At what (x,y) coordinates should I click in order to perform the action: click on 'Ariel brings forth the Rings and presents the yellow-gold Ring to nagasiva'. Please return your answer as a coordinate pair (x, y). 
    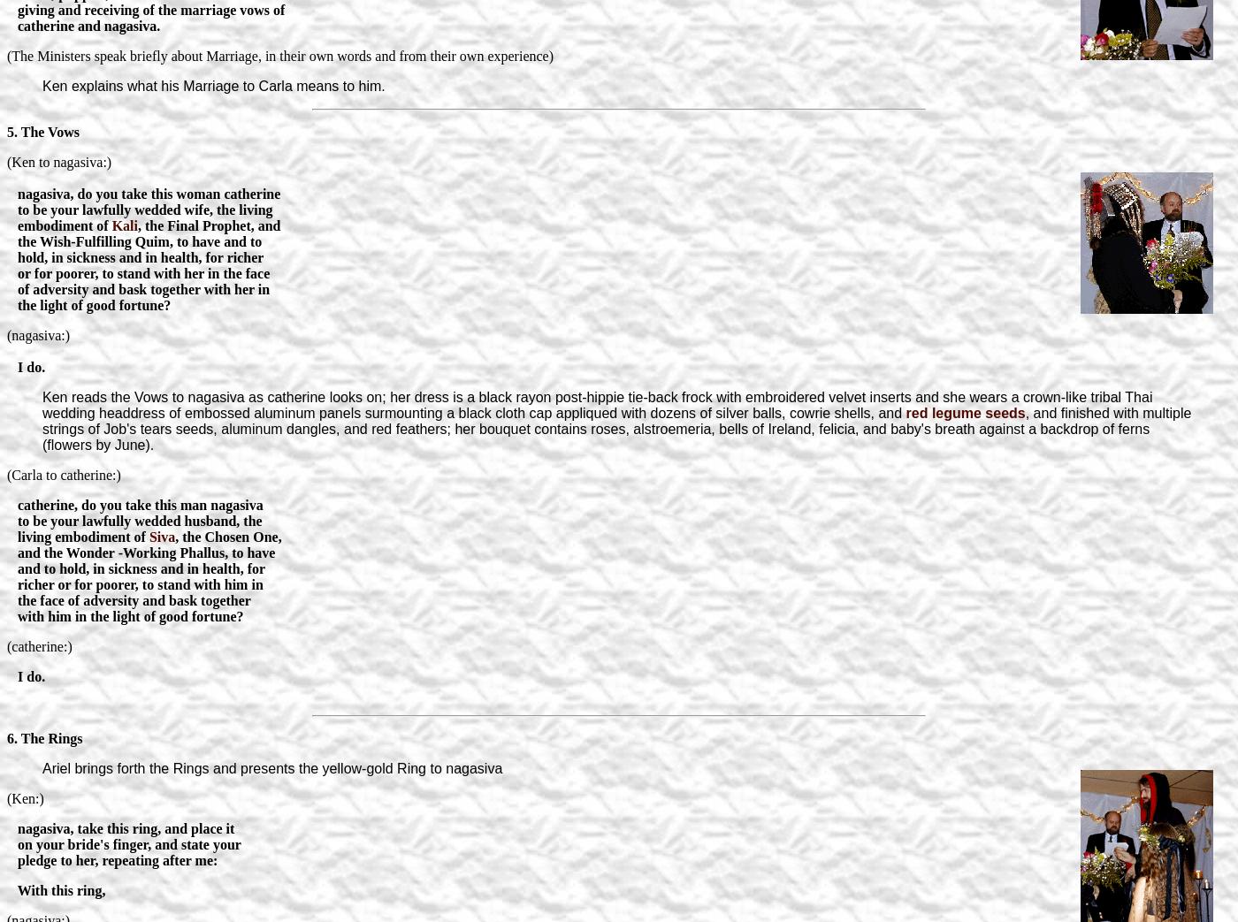
    Looking at the image, I should click on (272, 767).